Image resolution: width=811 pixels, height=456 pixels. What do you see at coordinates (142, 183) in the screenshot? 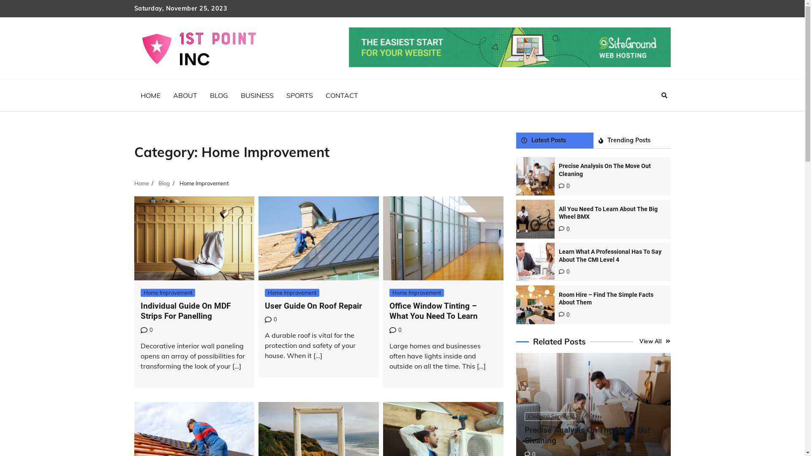
I see `'Home'` at bounding box center [142, 183].